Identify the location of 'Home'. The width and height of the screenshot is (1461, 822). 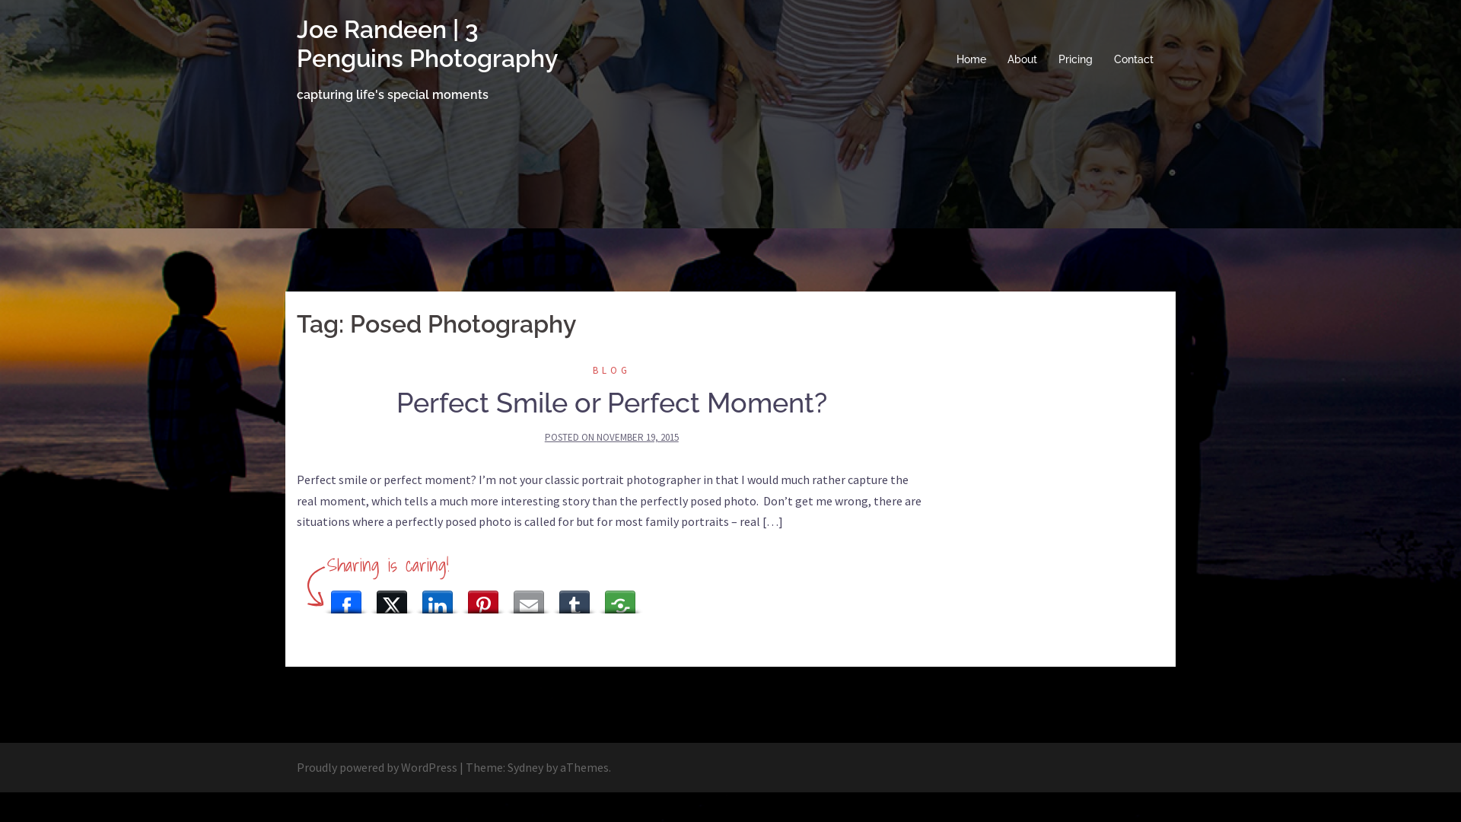
(970, 59).